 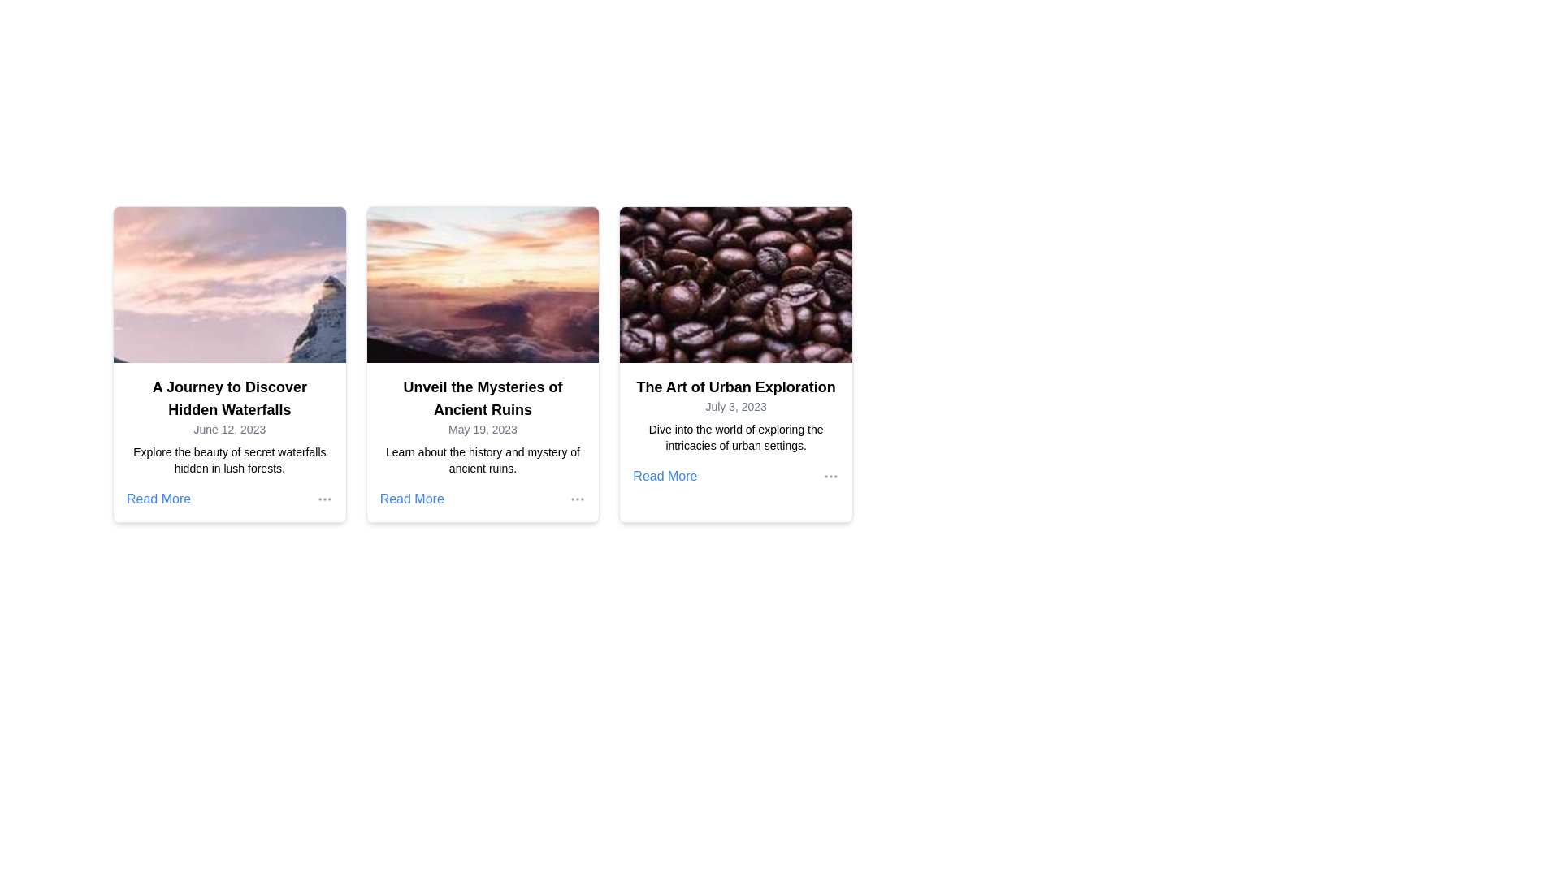 I want to click on the 'Read More' hyperlink located at the bottom section of the card titled 'The Art of Urban Exploration', so click(x=735, y=475).